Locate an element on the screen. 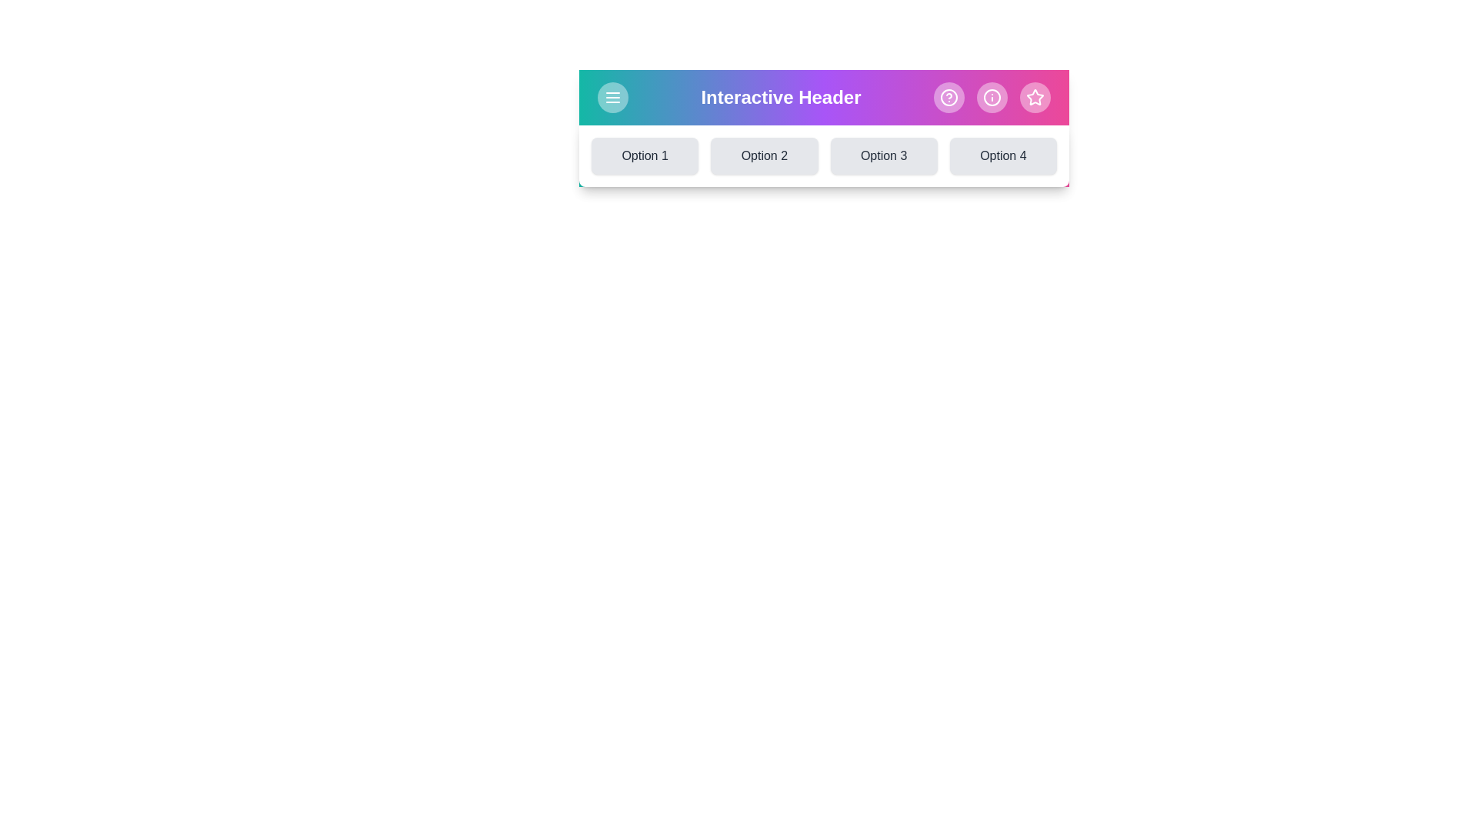  the 'Option 4' button is located at coordinates (1003, 156).